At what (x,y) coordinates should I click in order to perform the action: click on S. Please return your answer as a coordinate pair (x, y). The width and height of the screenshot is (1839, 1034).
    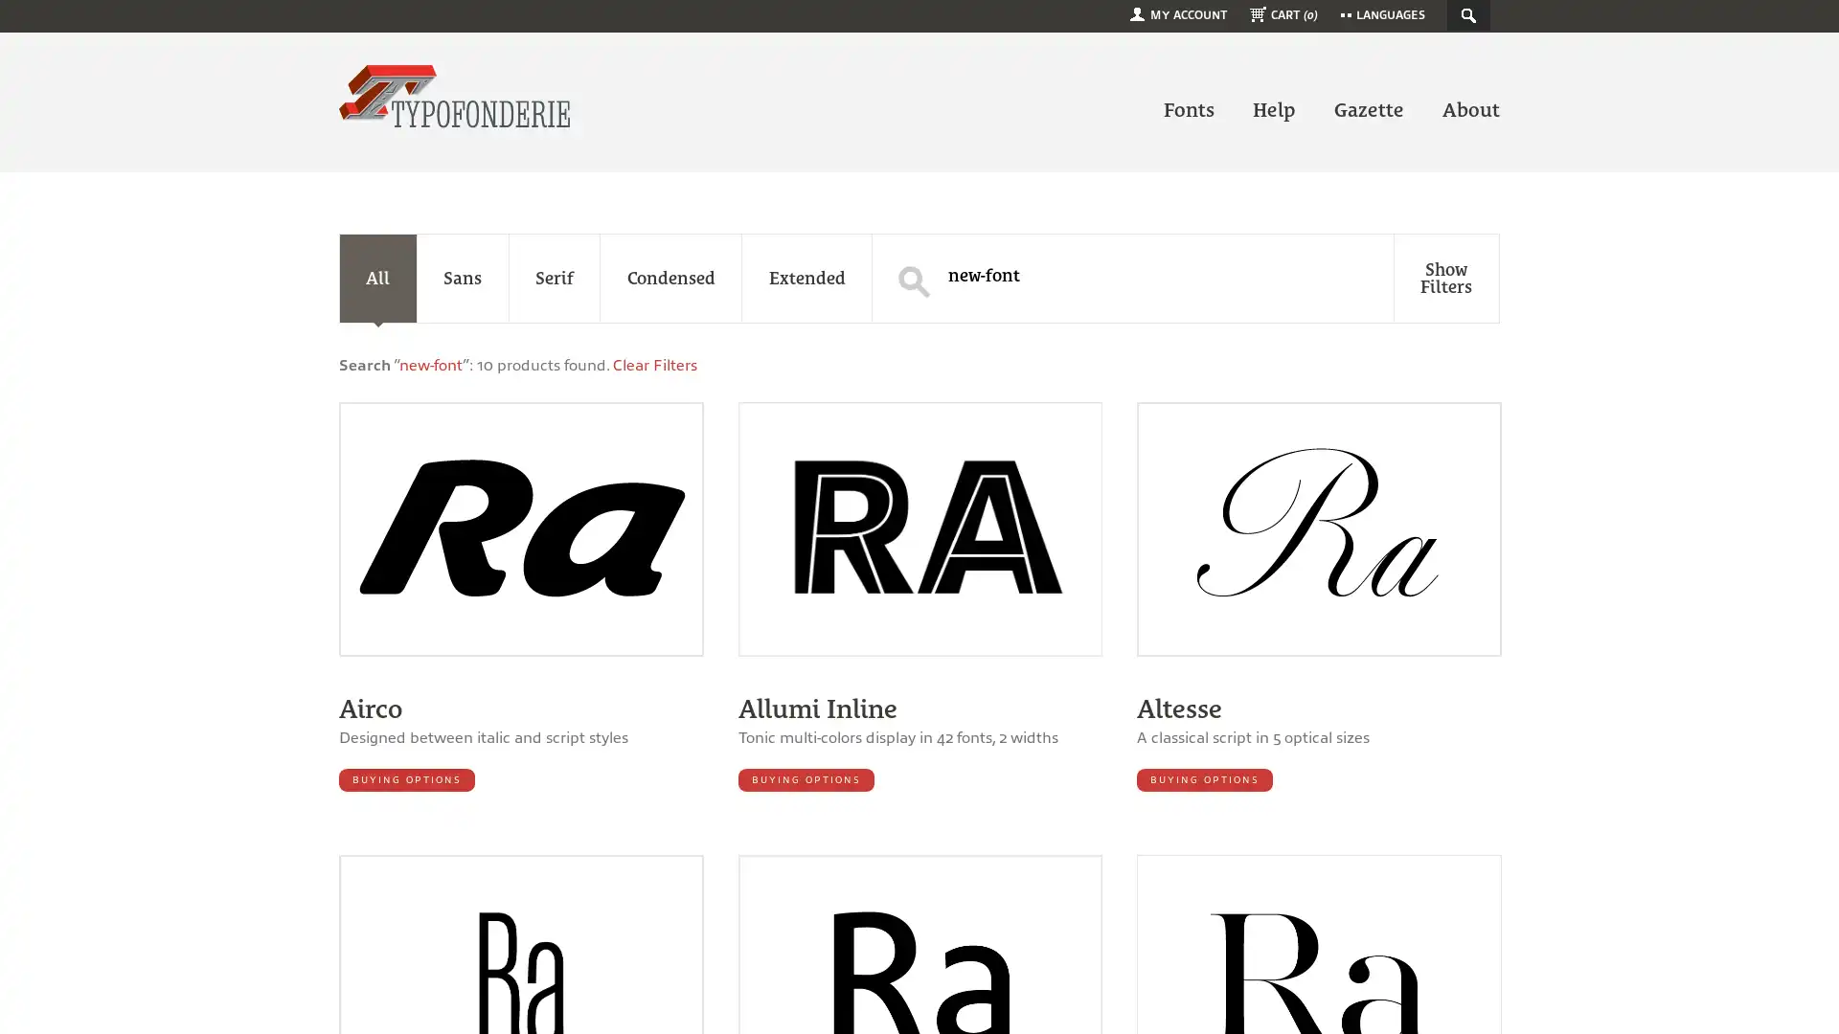
    Looking at the image, I should click on (912, 281).